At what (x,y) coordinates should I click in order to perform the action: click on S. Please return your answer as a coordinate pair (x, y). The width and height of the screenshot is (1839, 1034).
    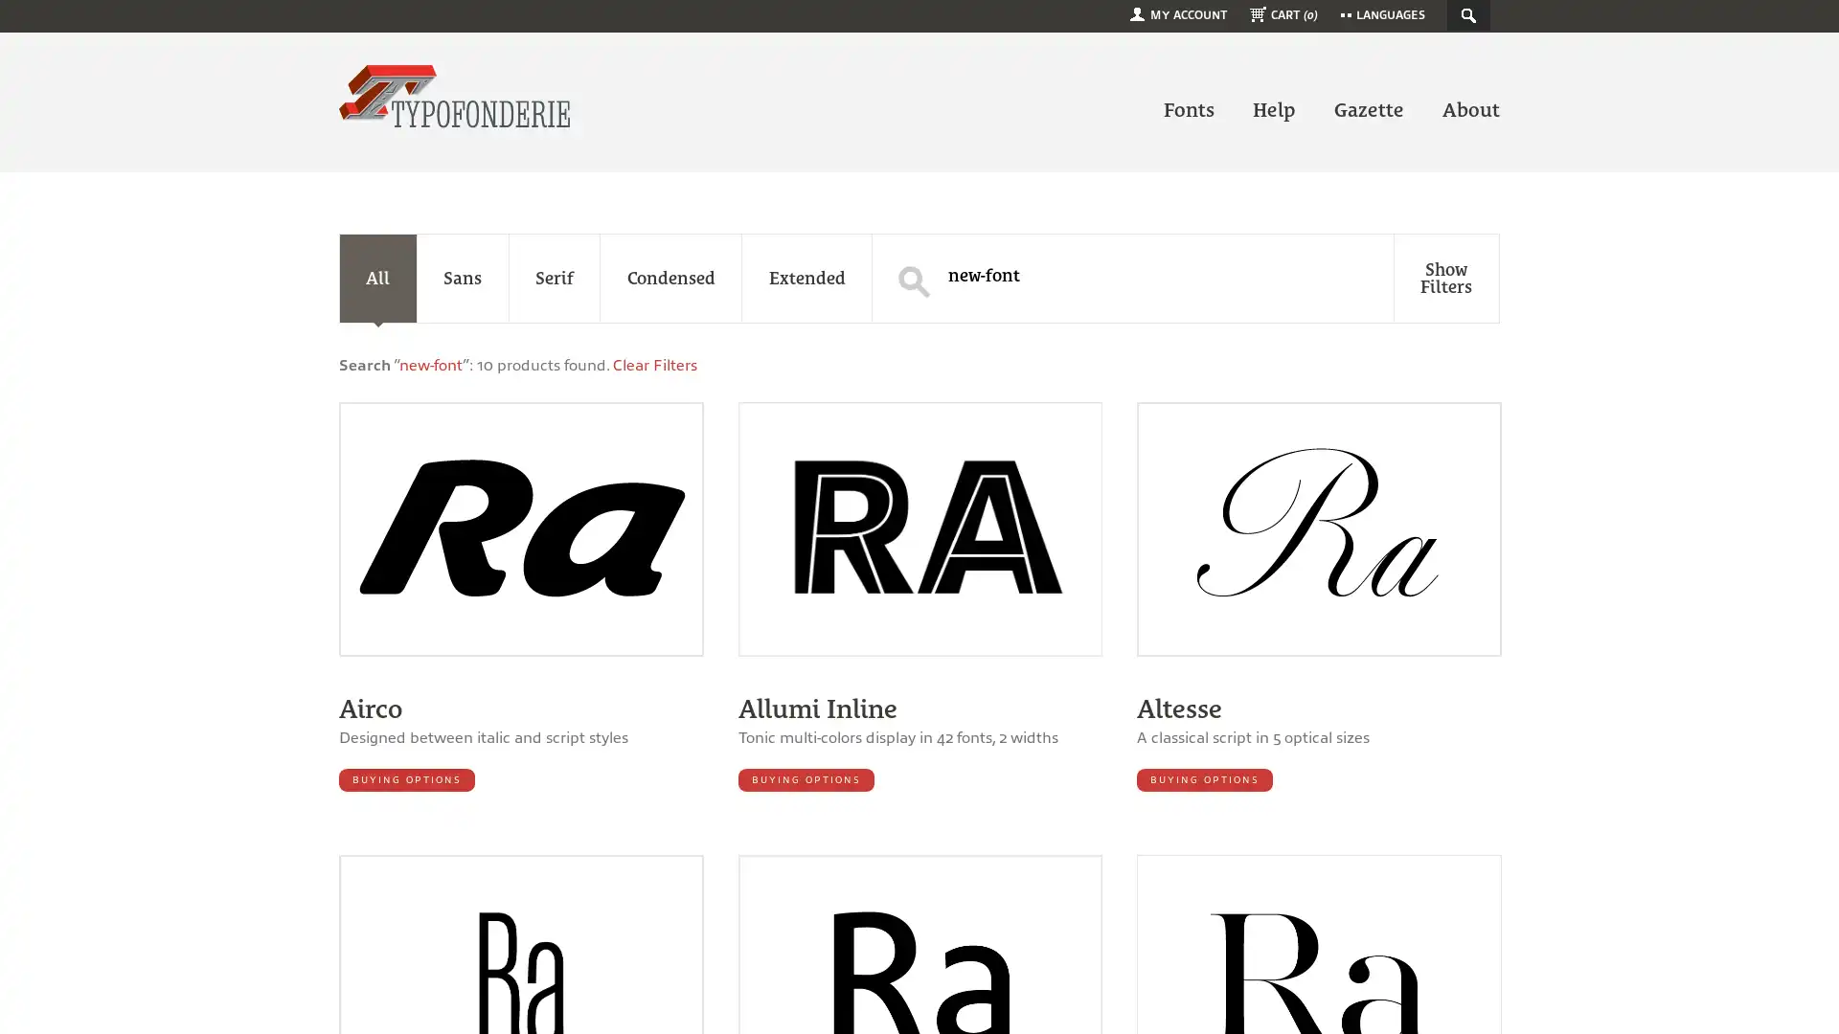
    Looking at the image, I should click on (912, 281).